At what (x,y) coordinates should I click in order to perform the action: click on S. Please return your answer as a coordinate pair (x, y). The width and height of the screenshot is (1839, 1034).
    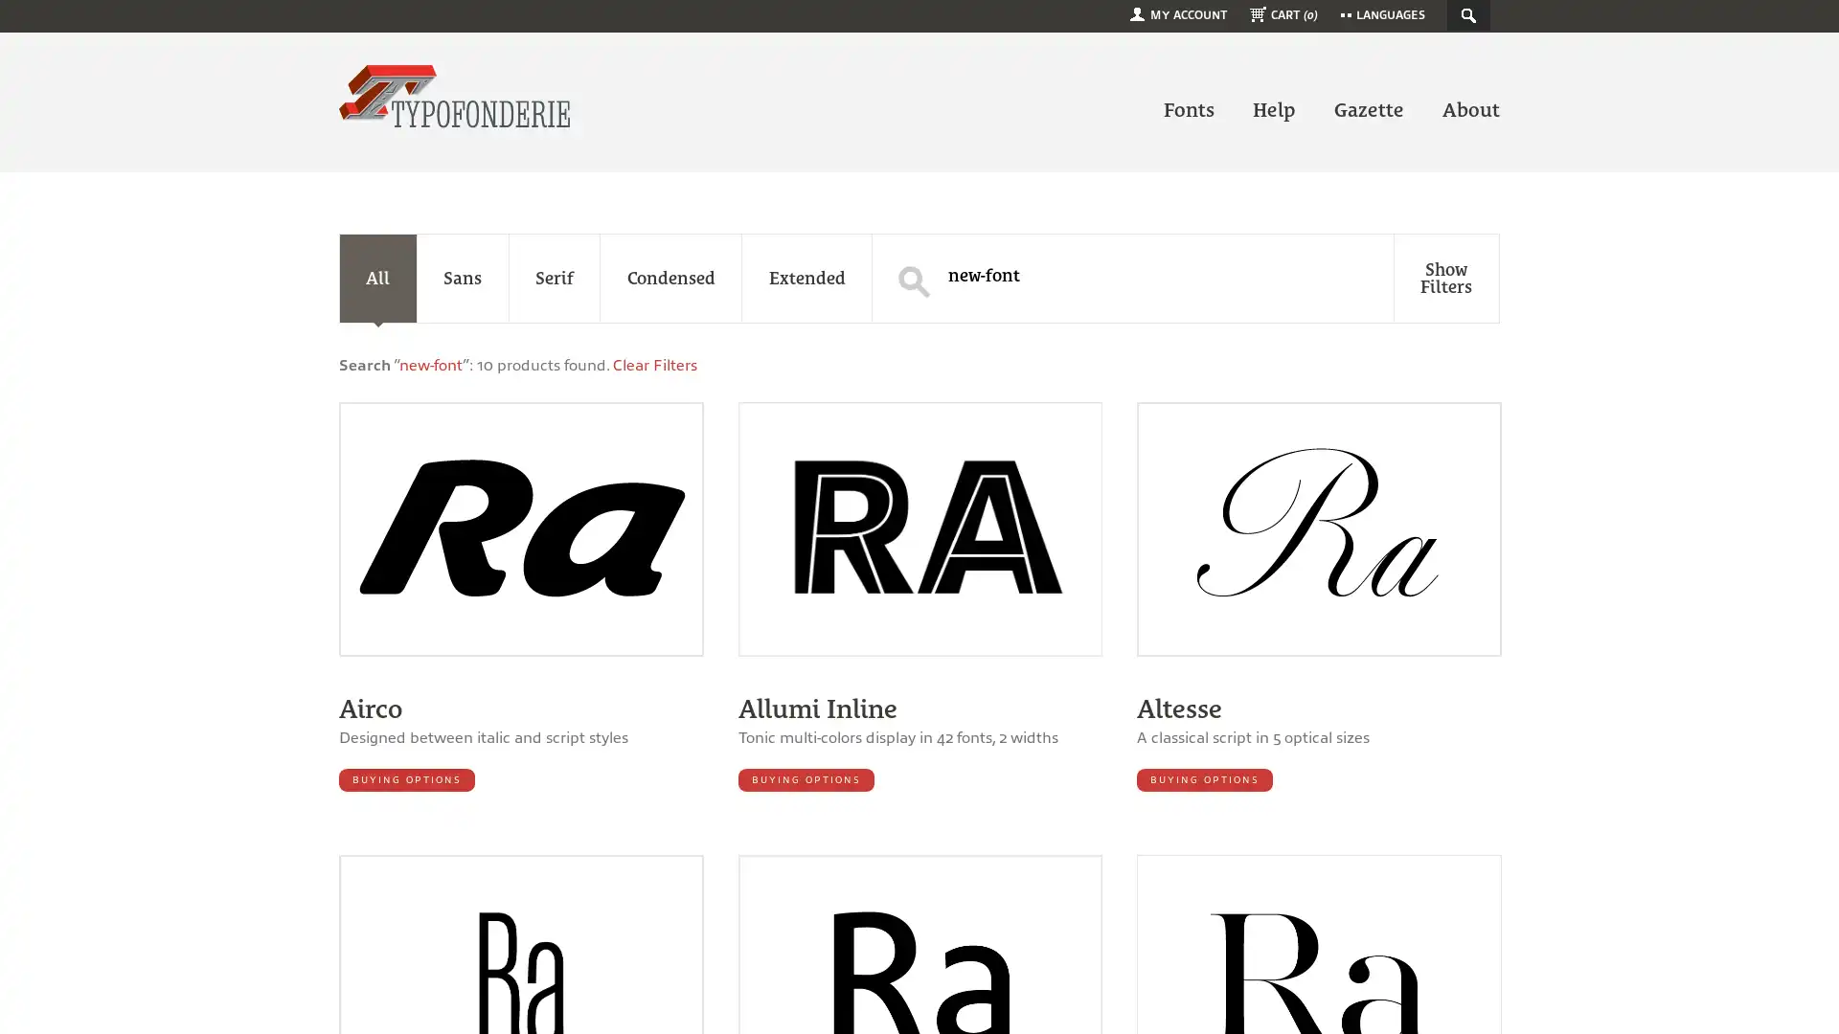
    Looking at the image, I should click on (912, 281).